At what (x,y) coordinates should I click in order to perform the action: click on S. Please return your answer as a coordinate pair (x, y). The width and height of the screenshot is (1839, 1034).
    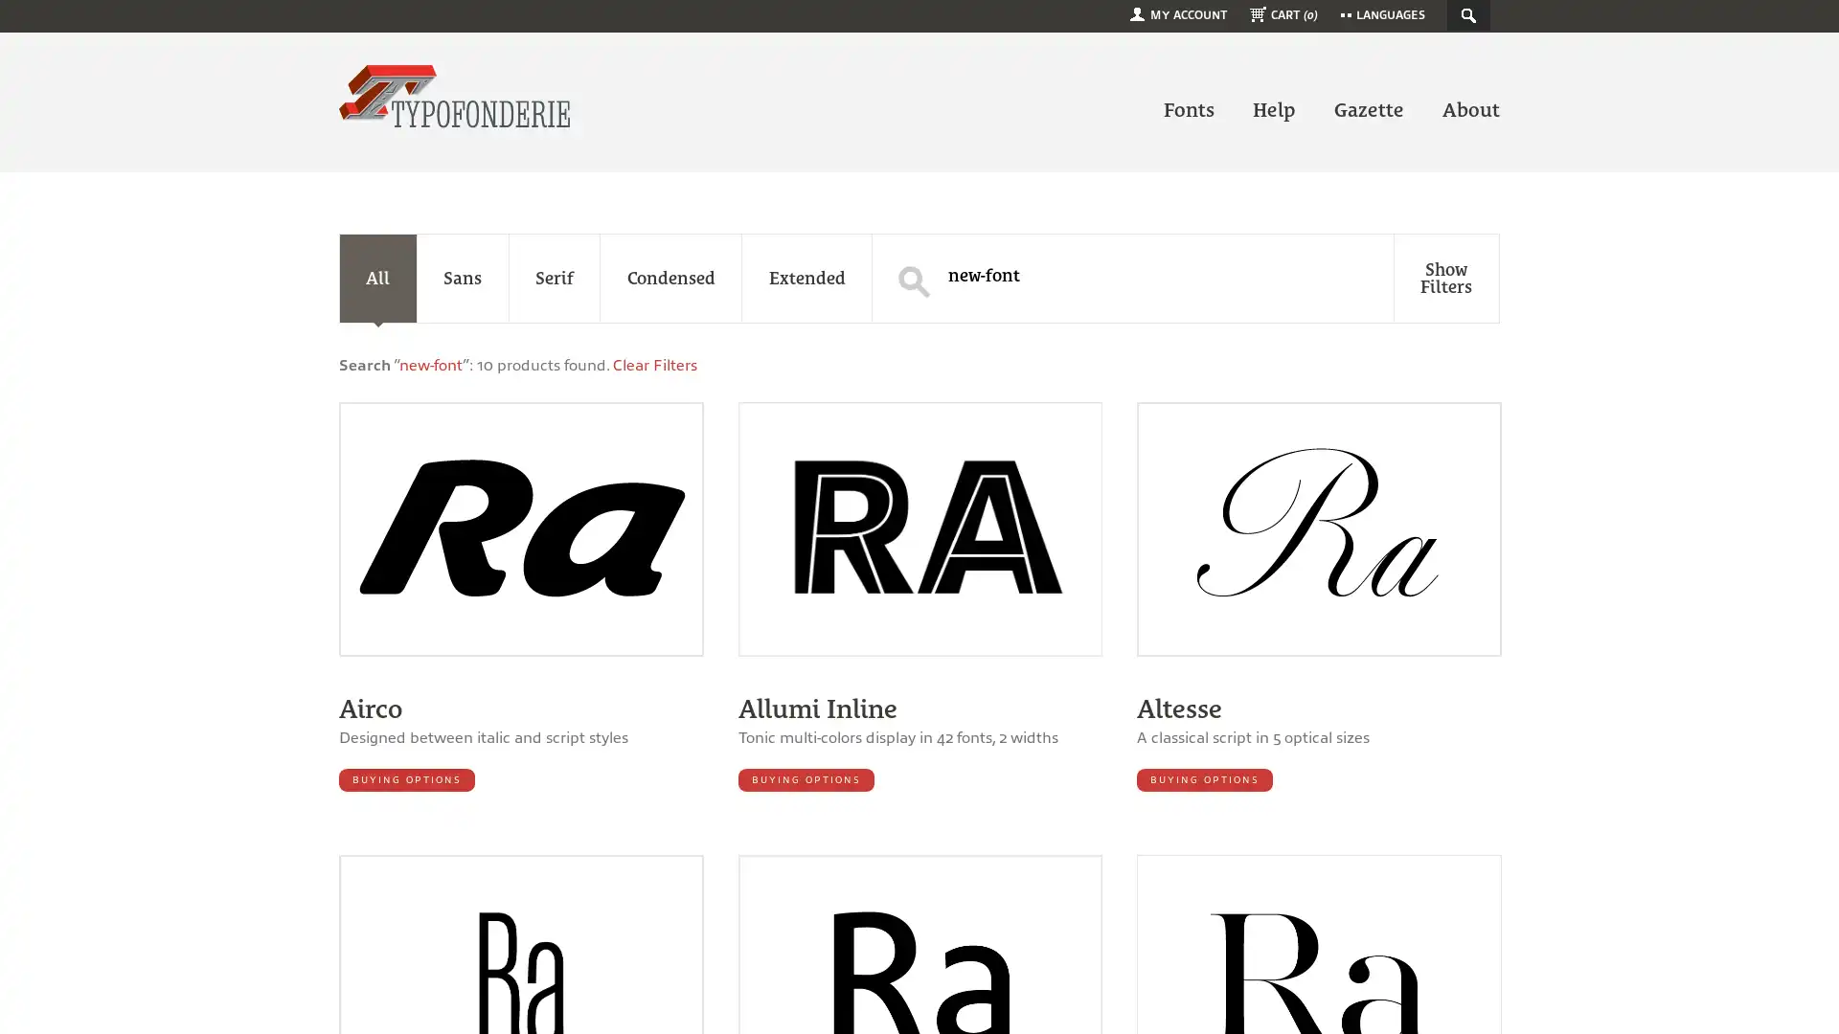
    Looking at the image, I should click on (912, 281).